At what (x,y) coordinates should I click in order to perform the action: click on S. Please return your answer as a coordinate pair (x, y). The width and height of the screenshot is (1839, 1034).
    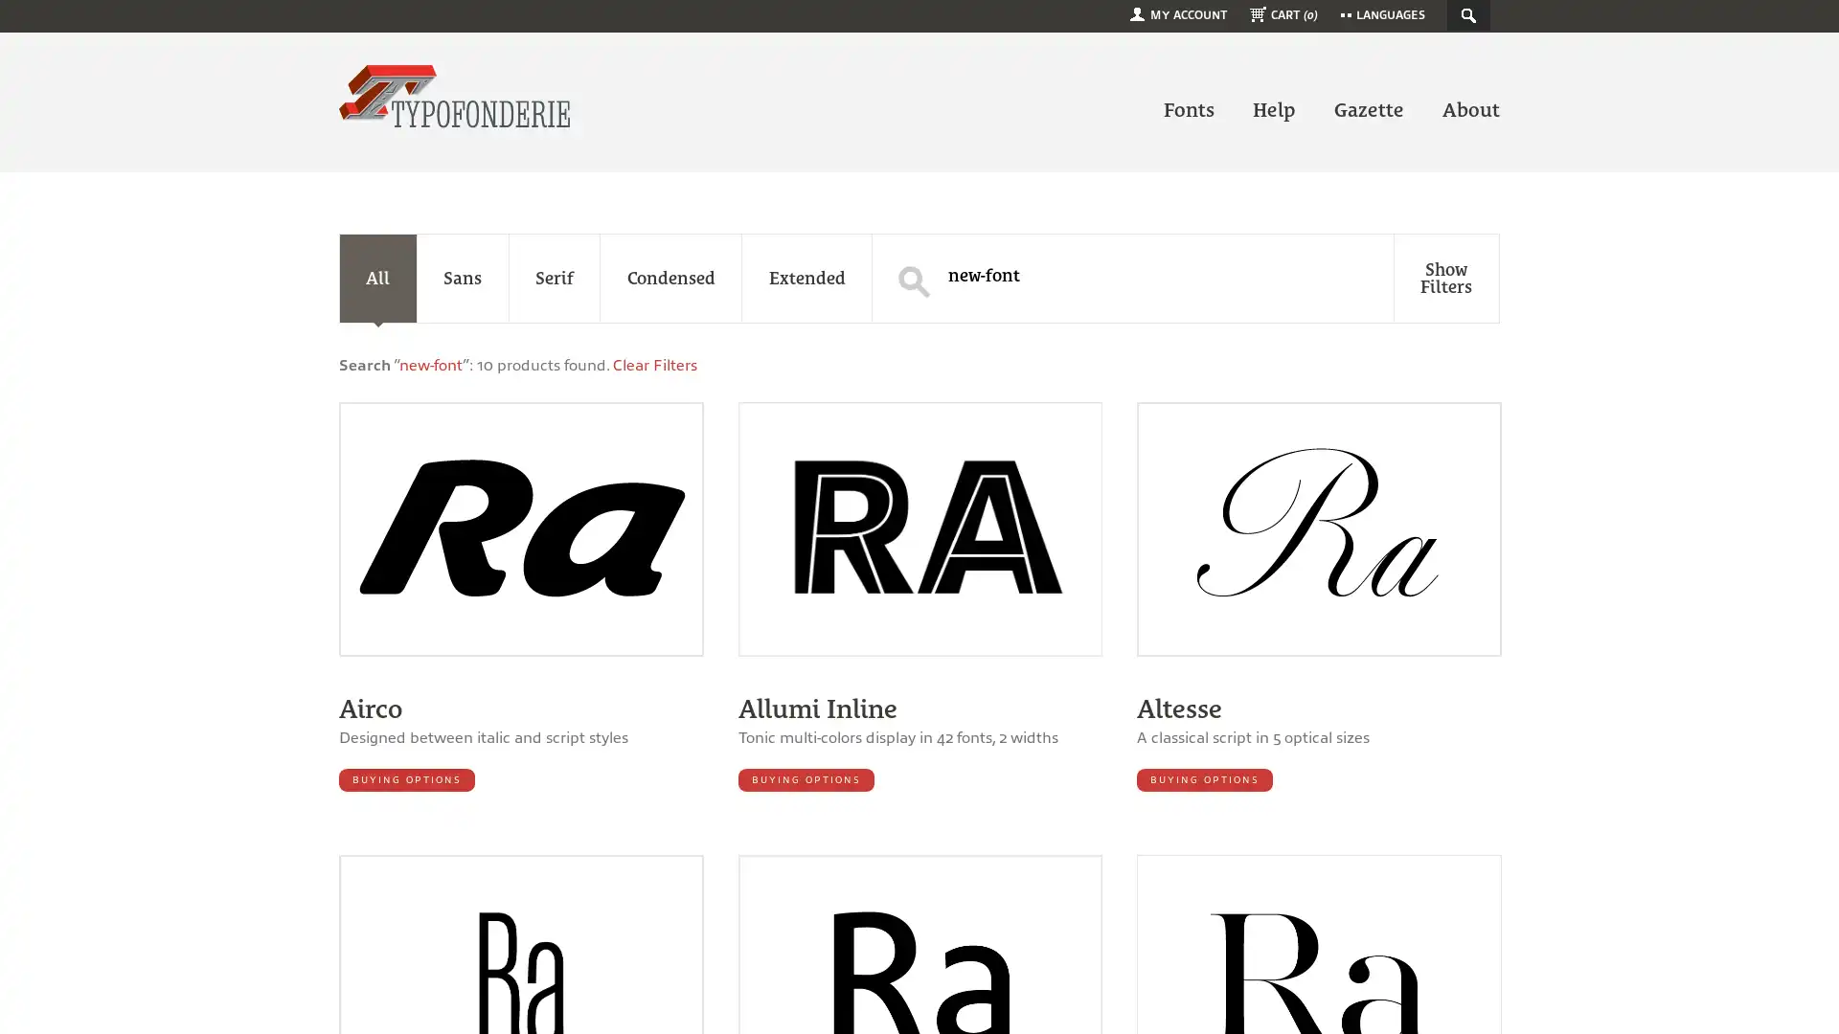
    Looking at the image, I should click on (912, 281).